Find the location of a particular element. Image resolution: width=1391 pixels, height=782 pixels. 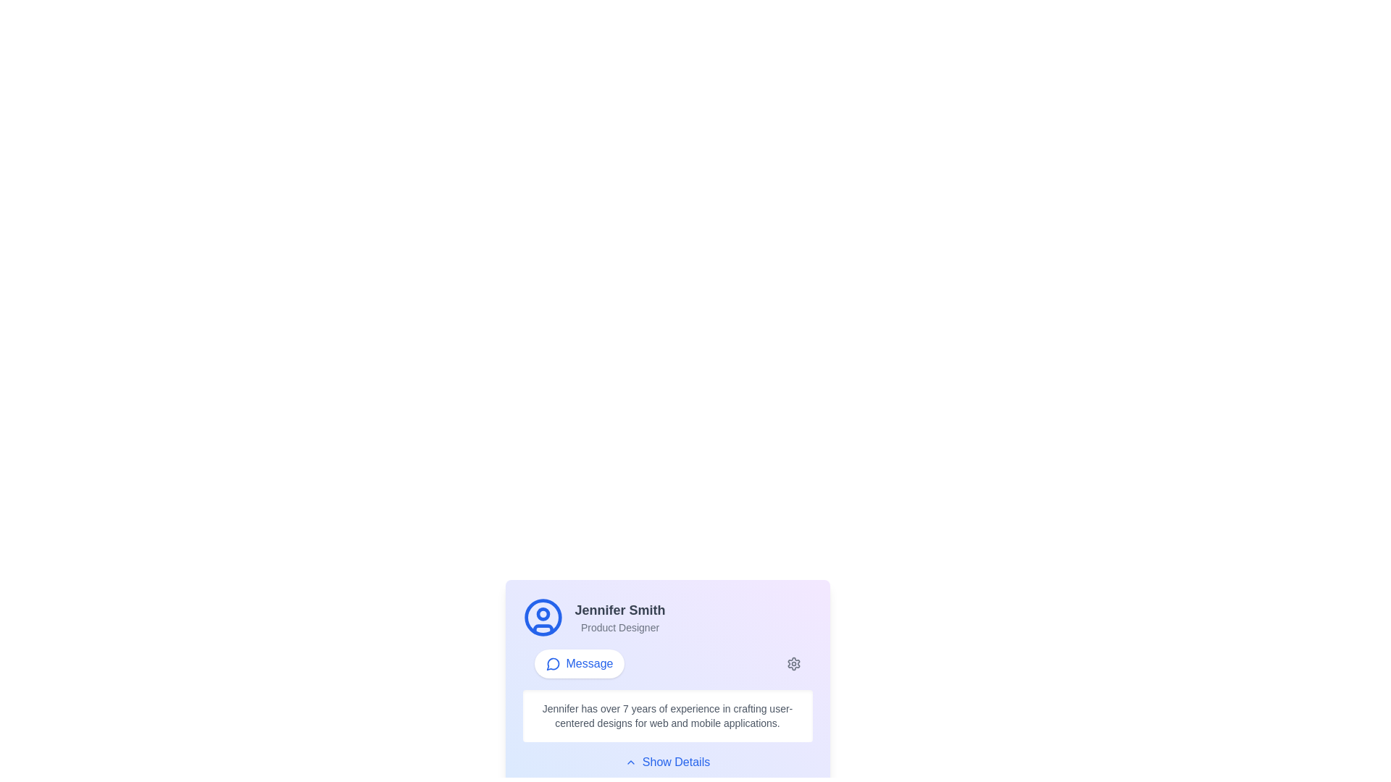

the messaging icon located inside the 'Message' button, which is positioned in the lower section of the user details card is located at coordinates (552, 664).